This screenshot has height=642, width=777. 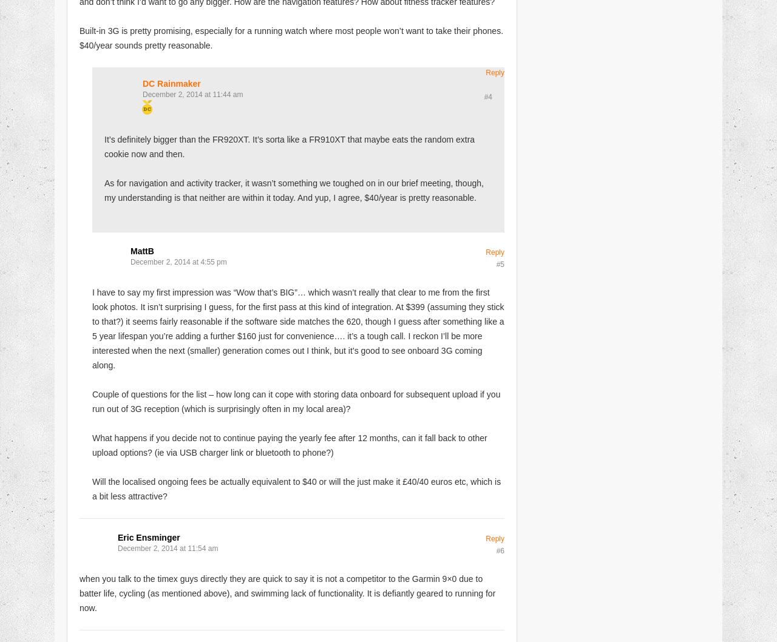 What do you see at coordinates (171, 83) in the screenshot?
I see `'DC Rainmaker'` at bounding box center [171, 83].